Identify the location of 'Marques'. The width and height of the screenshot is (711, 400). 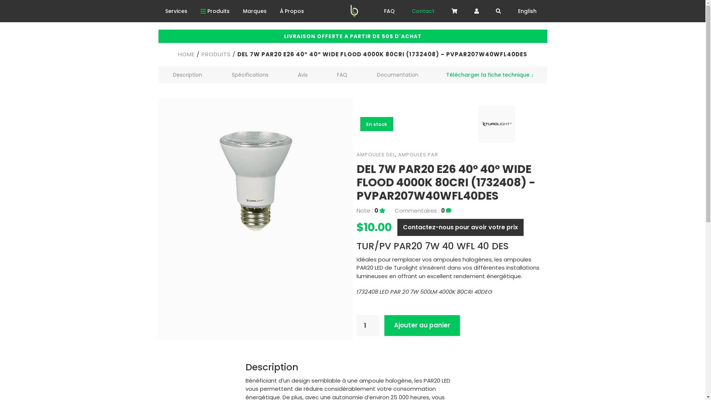
(254, 11).